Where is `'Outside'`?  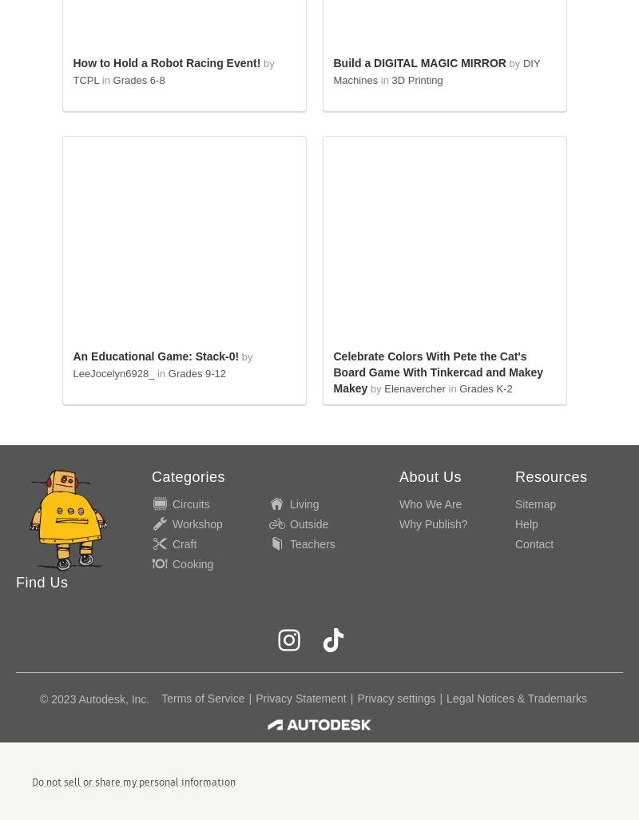 'Outside' is located at coordinates (289, 523).